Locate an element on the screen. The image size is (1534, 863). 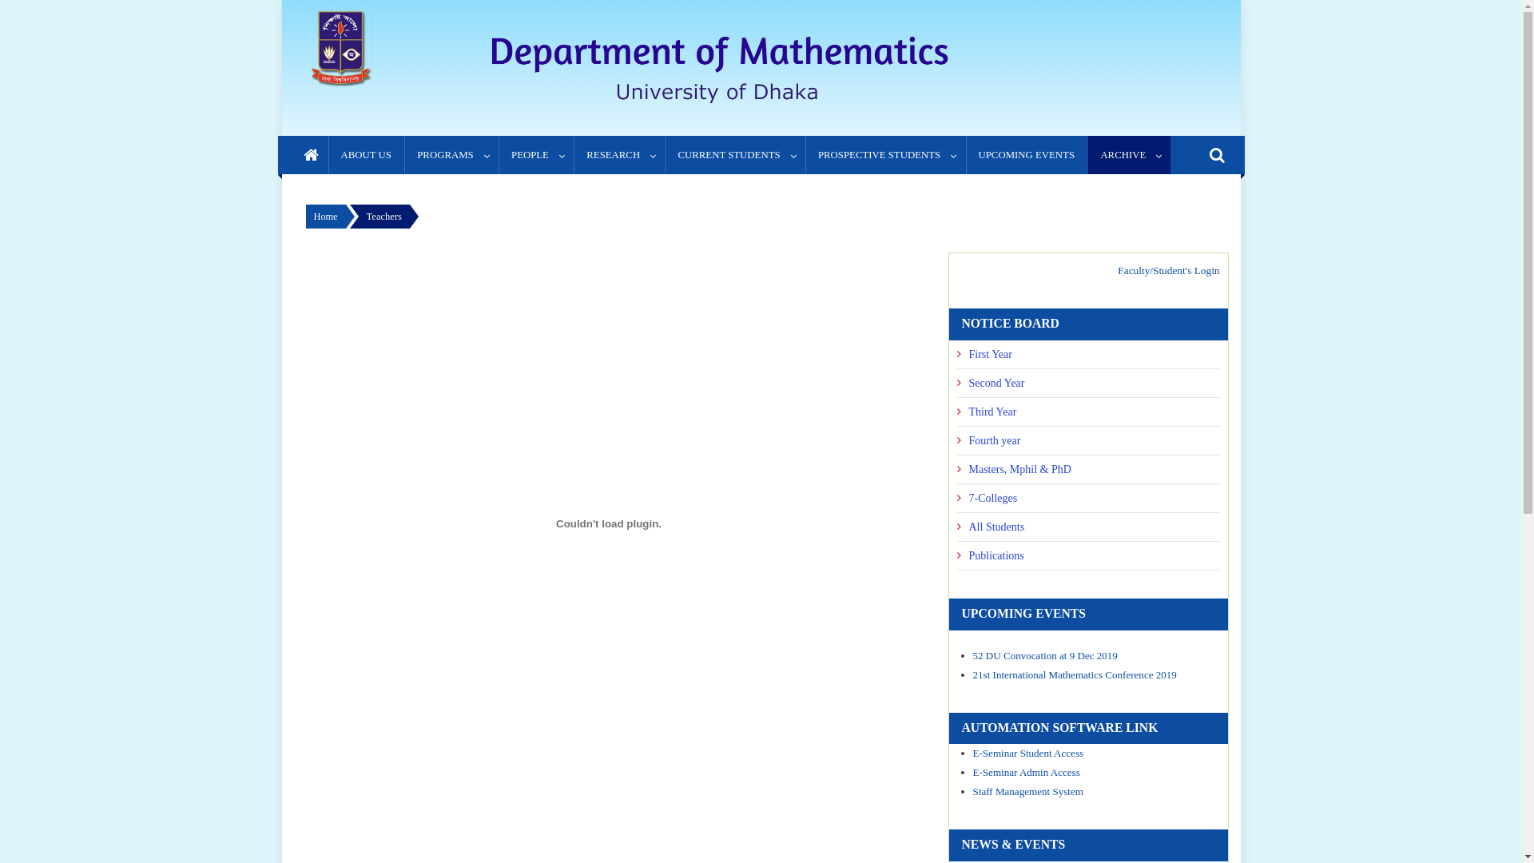
'First Year' is located at coordinates (1087, 353).